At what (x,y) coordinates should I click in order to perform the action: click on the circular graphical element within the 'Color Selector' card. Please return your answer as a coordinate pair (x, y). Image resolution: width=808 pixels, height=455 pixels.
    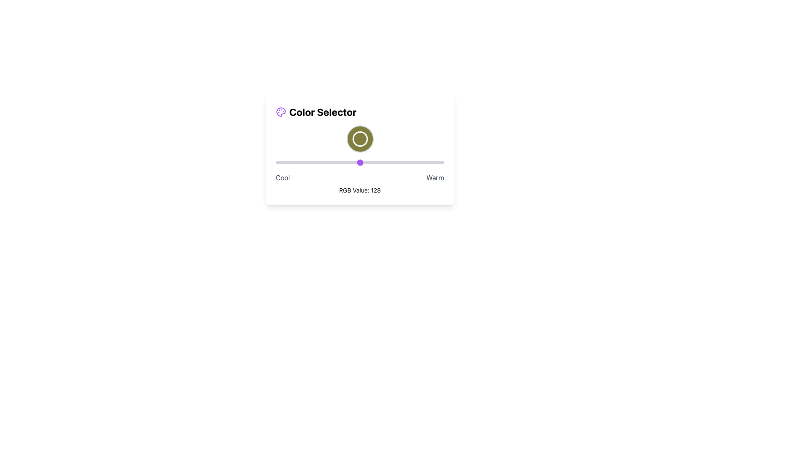
    Looking at the image, I should click on (360, 139).